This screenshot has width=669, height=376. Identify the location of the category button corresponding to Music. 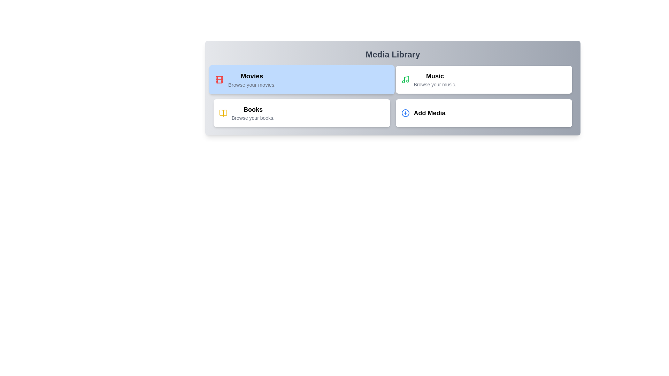
(483, 79).